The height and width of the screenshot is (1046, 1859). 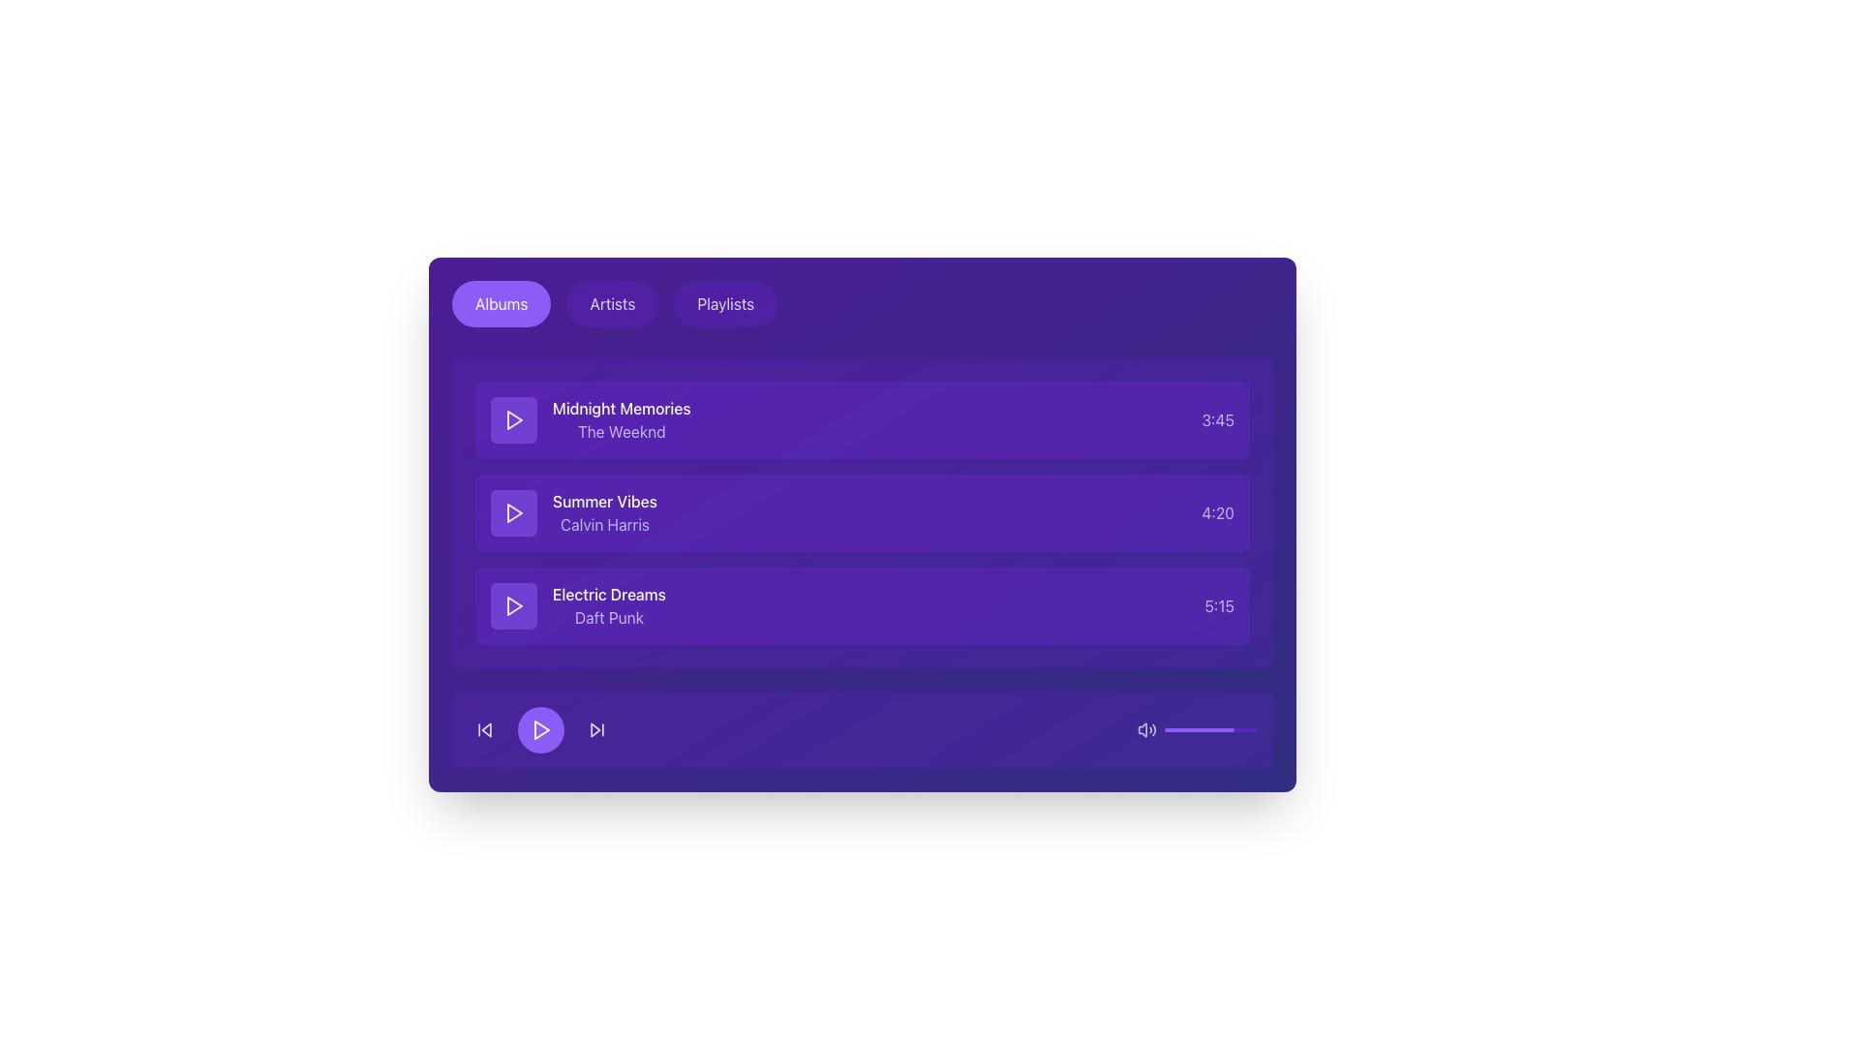 I want to click on the 'Artists' button, which has rounded corners and a purple background, so click(x=611, y=303).